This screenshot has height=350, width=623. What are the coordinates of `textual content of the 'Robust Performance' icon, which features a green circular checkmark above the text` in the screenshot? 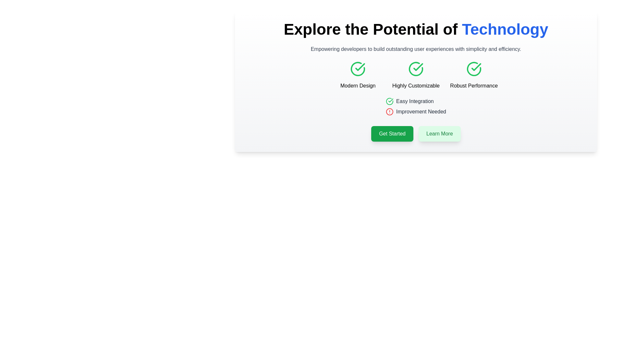 It's located at (474, 75).